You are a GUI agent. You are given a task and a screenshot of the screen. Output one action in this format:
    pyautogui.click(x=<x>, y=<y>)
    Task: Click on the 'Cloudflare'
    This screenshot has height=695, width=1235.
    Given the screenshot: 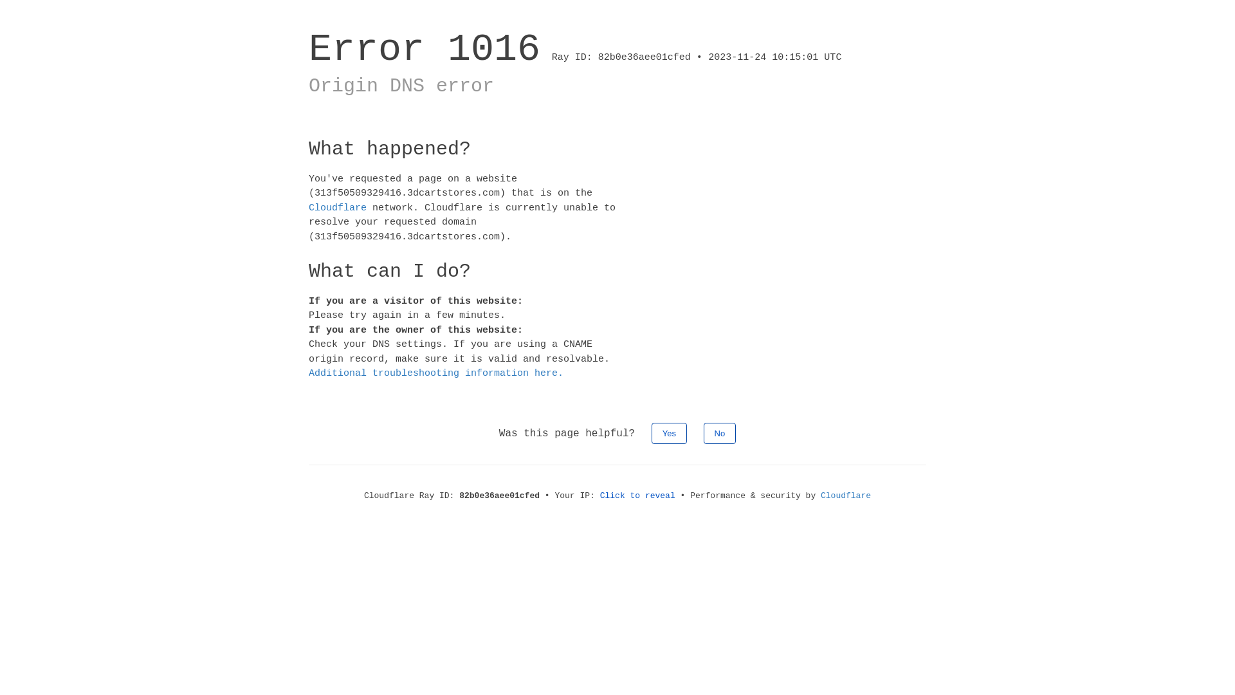 What is the action you would take?
    pyautogui.click(x=846, y=494)
    